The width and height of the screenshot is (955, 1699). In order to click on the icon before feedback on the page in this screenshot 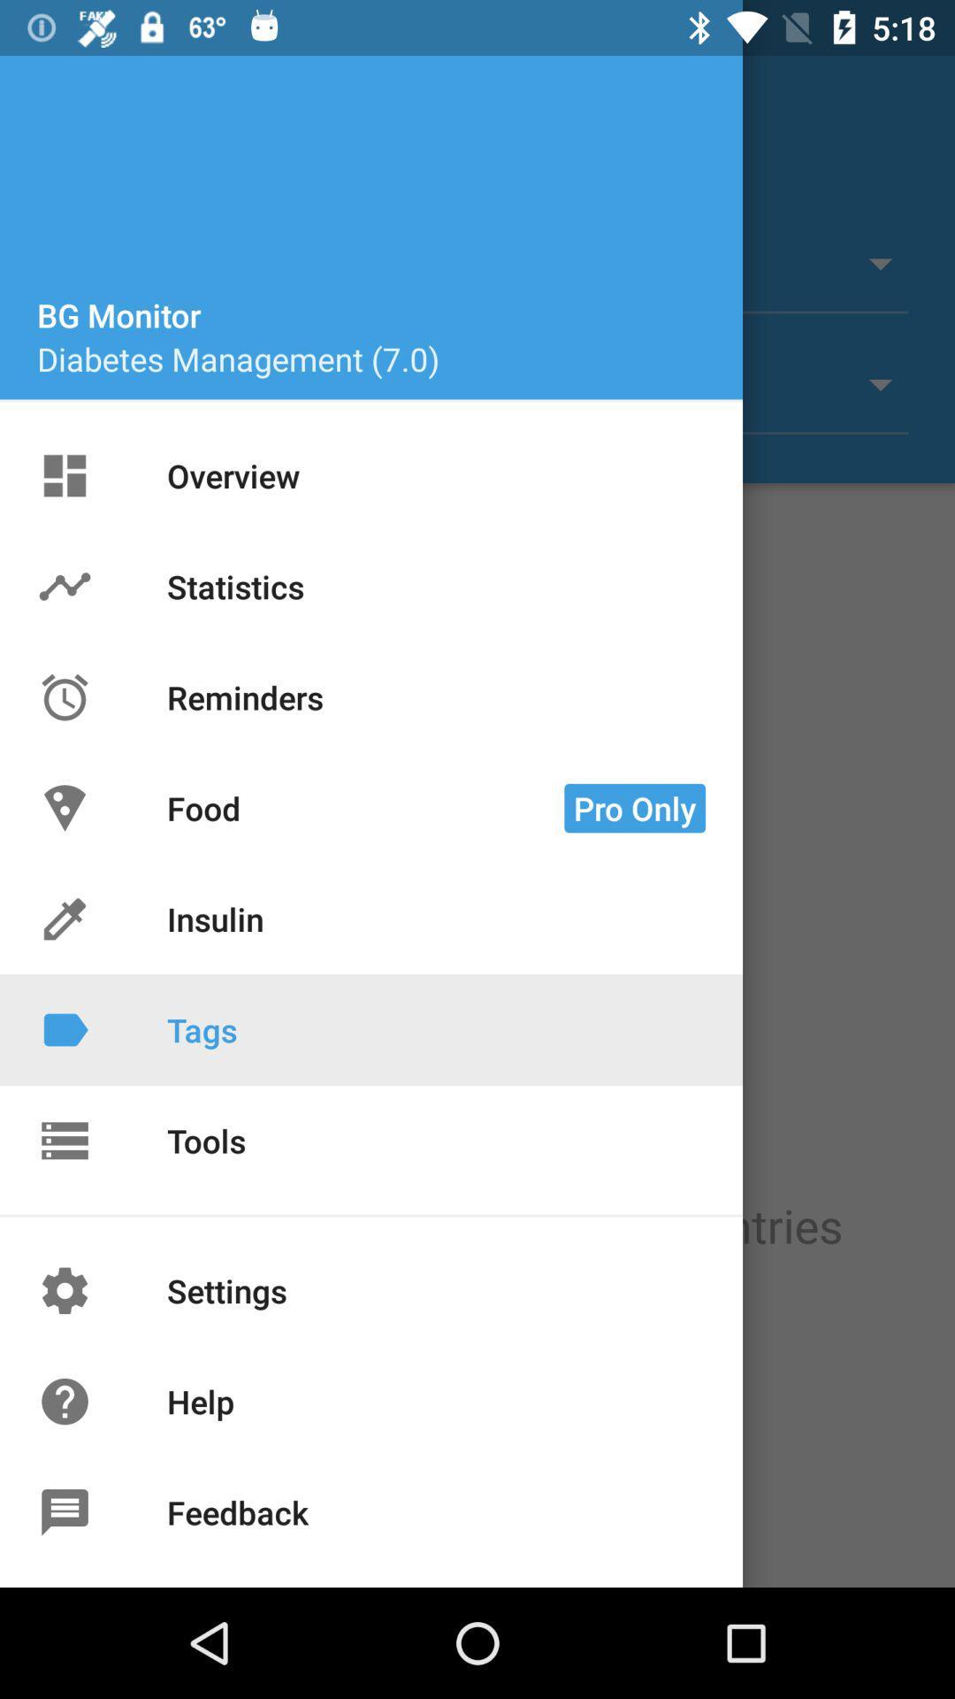, I will do `click(64, 1511)`.